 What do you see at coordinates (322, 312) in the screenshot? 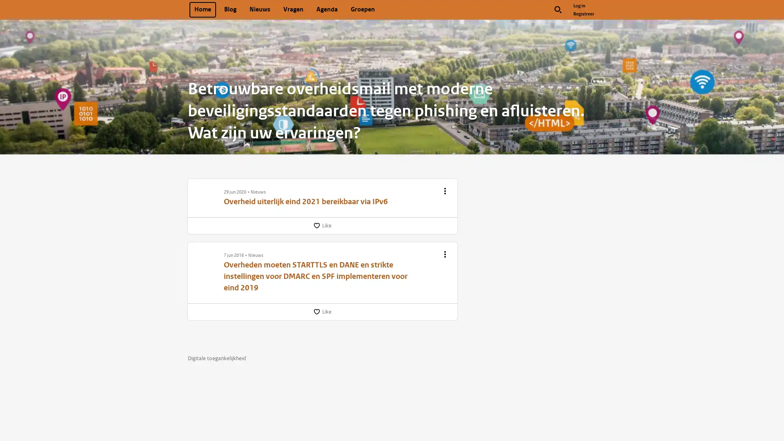
I see `Like` at bounding box center [322, 312].